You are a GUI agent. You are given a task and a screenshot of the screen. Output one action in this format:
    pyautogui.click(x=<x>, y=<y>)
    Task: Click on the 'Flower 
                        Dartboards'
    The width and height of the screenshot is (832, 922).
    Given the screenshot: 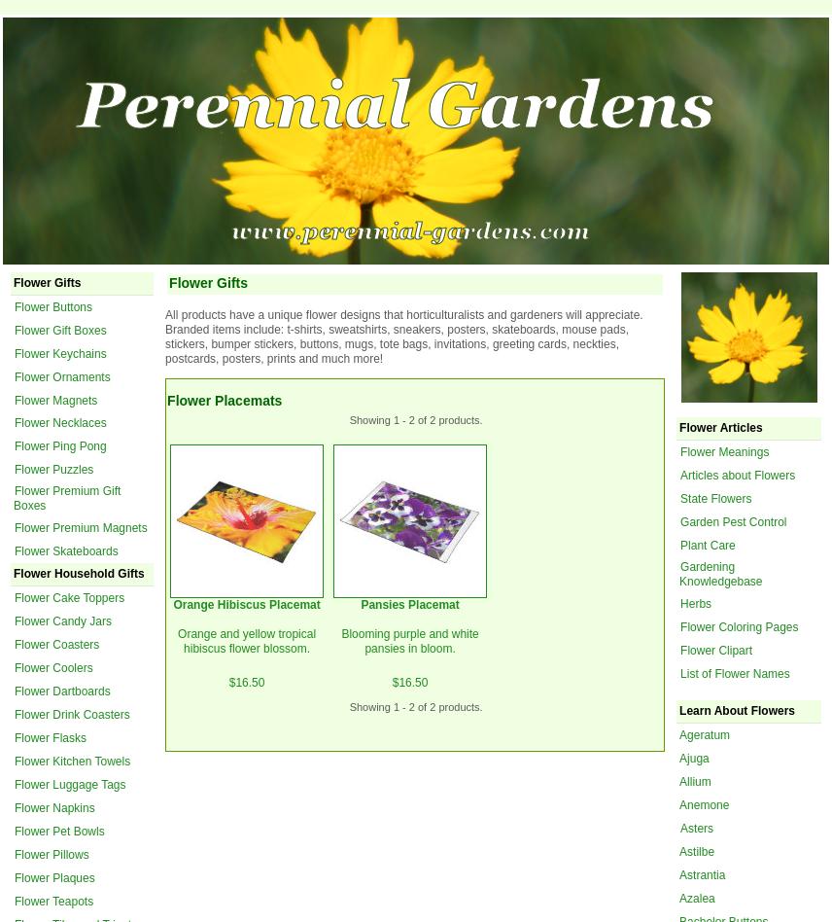 What is the action you would take?
    pyautogui.click(x=61, y=689)
    